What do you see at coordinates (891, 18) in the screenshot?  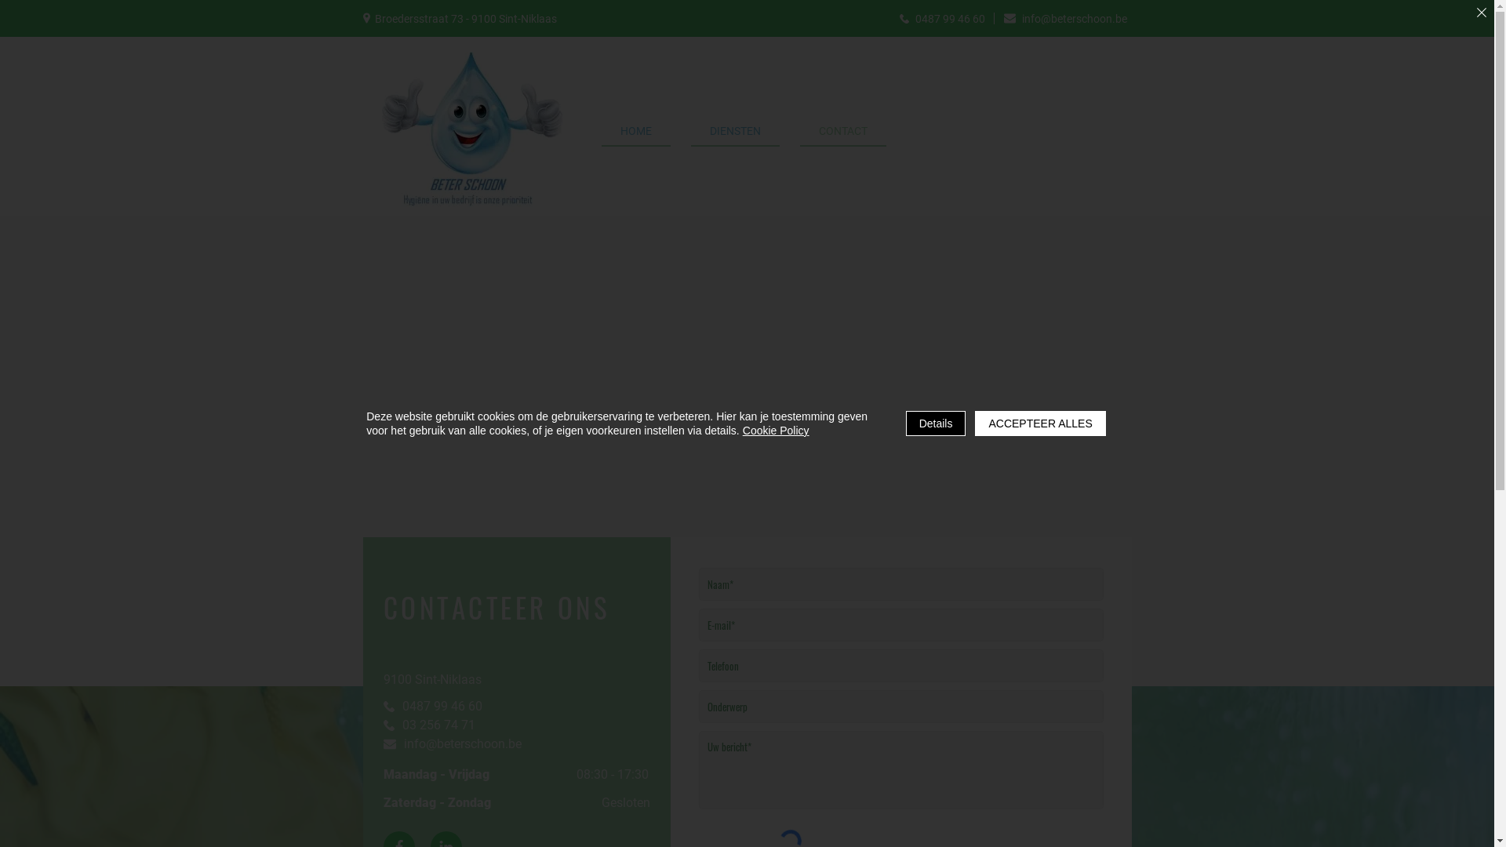 I see `'0487 99 46 60'` at bounding box center [891, 18].